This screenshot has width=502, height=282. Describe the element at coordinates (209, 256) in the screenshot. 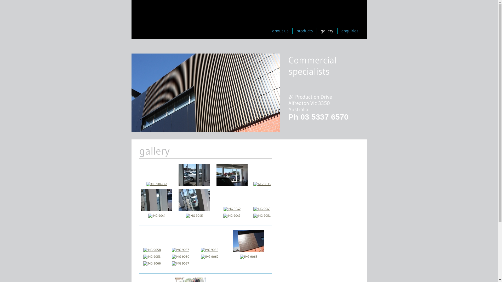

I see `'IMG 9062'` at that location.